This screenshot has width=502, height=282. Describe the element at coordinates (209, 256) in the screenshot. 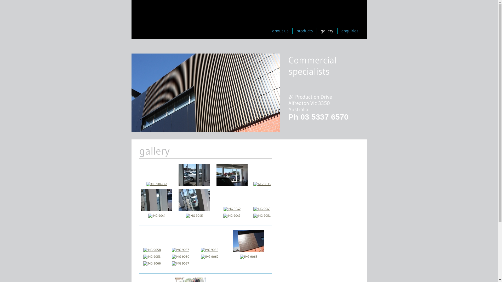

I see `'IMG 9062'` at that location.